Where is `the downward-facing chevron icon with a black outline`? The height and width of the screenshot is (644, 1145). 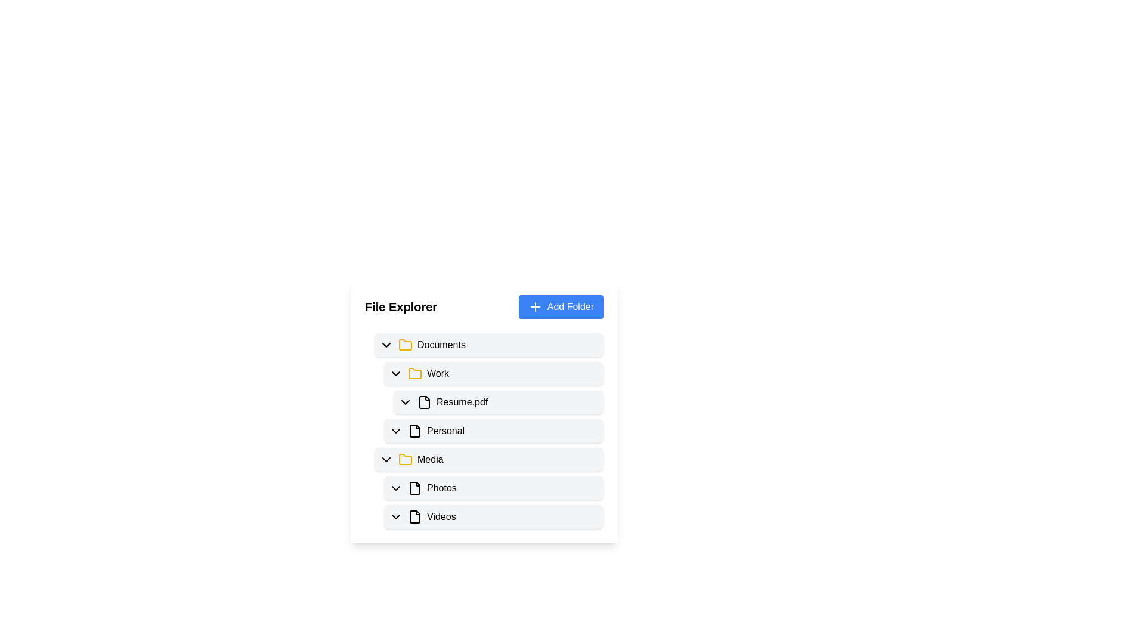
the downward-facing chevron icon with a black outline is located at coordinates (395, 488).